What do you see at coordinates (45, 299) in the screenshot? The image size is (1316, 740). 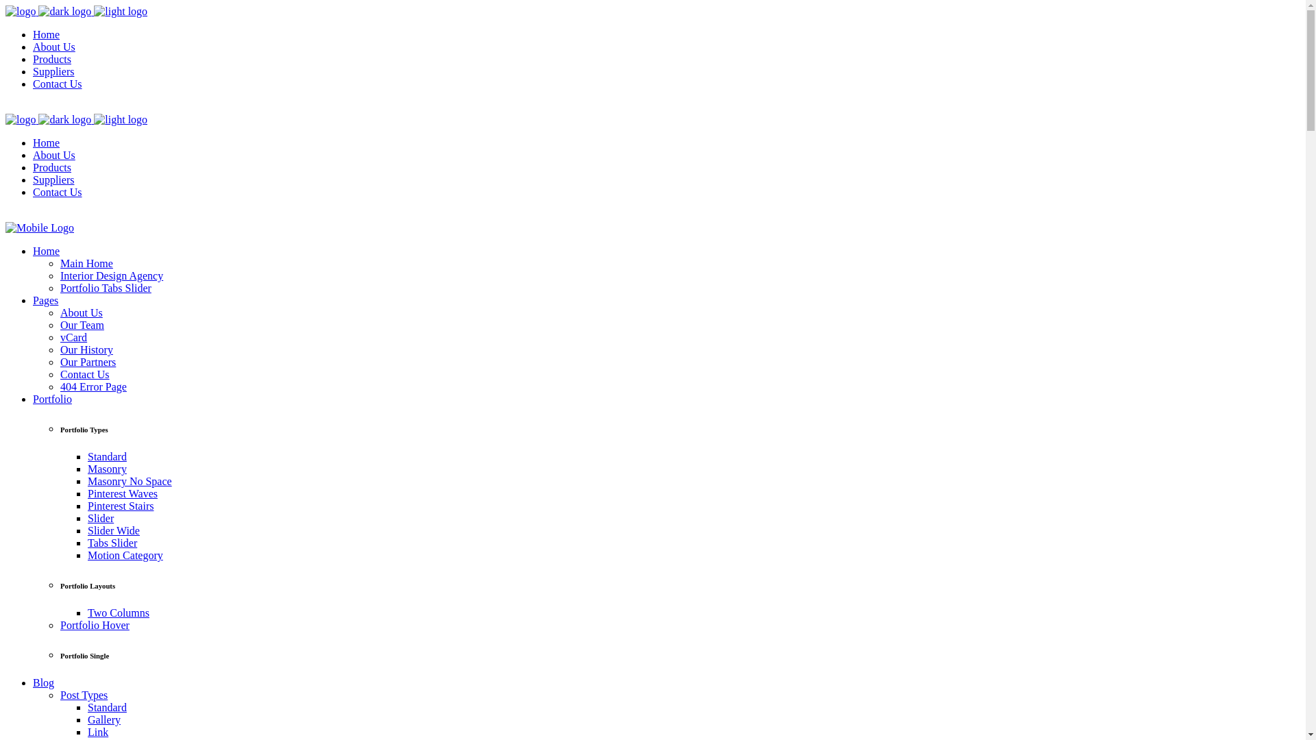 I see `'Pages'` at bounding box center [45, 299].